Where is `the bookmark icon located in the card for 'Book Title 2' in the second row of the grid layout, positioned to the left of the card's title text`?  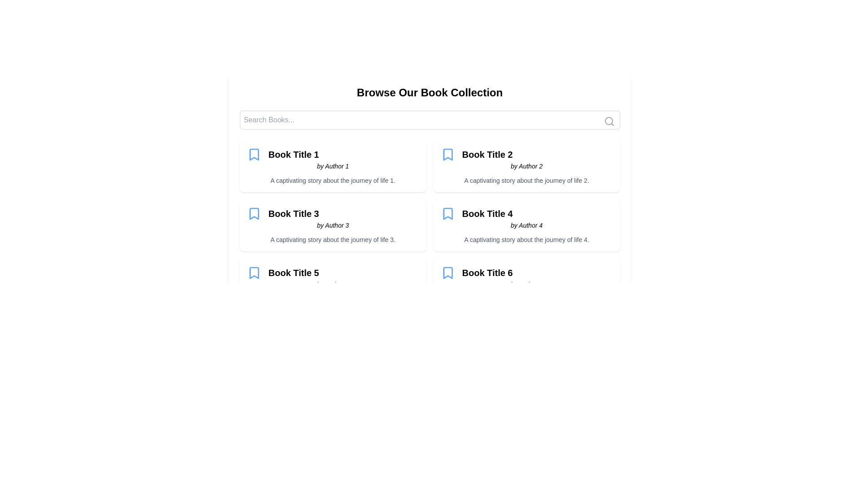 the bookmark icon located in the card for 'Book Title 2' in the second row of the grid layout, positioned to the left of the card's title text is located at coordinates (448, 154).